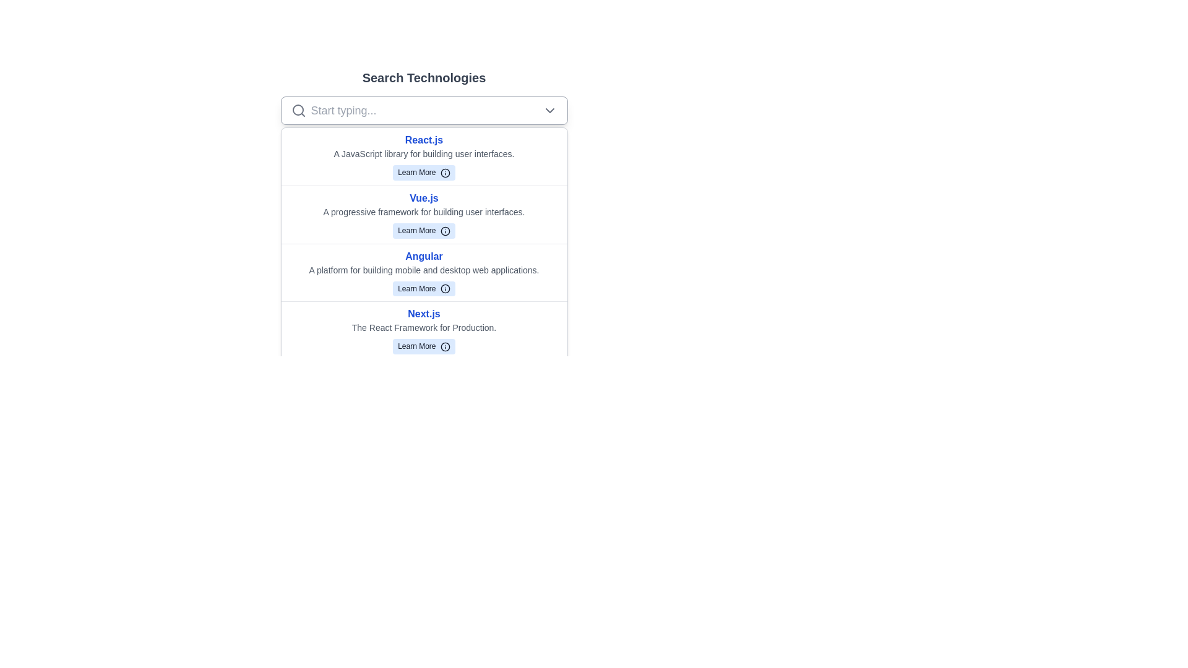 The image size is (1188, 668). I want to click on the SVG circle element that is part of the information icon within the 'Learn More' button for 'Next.js', so click(445, 347).